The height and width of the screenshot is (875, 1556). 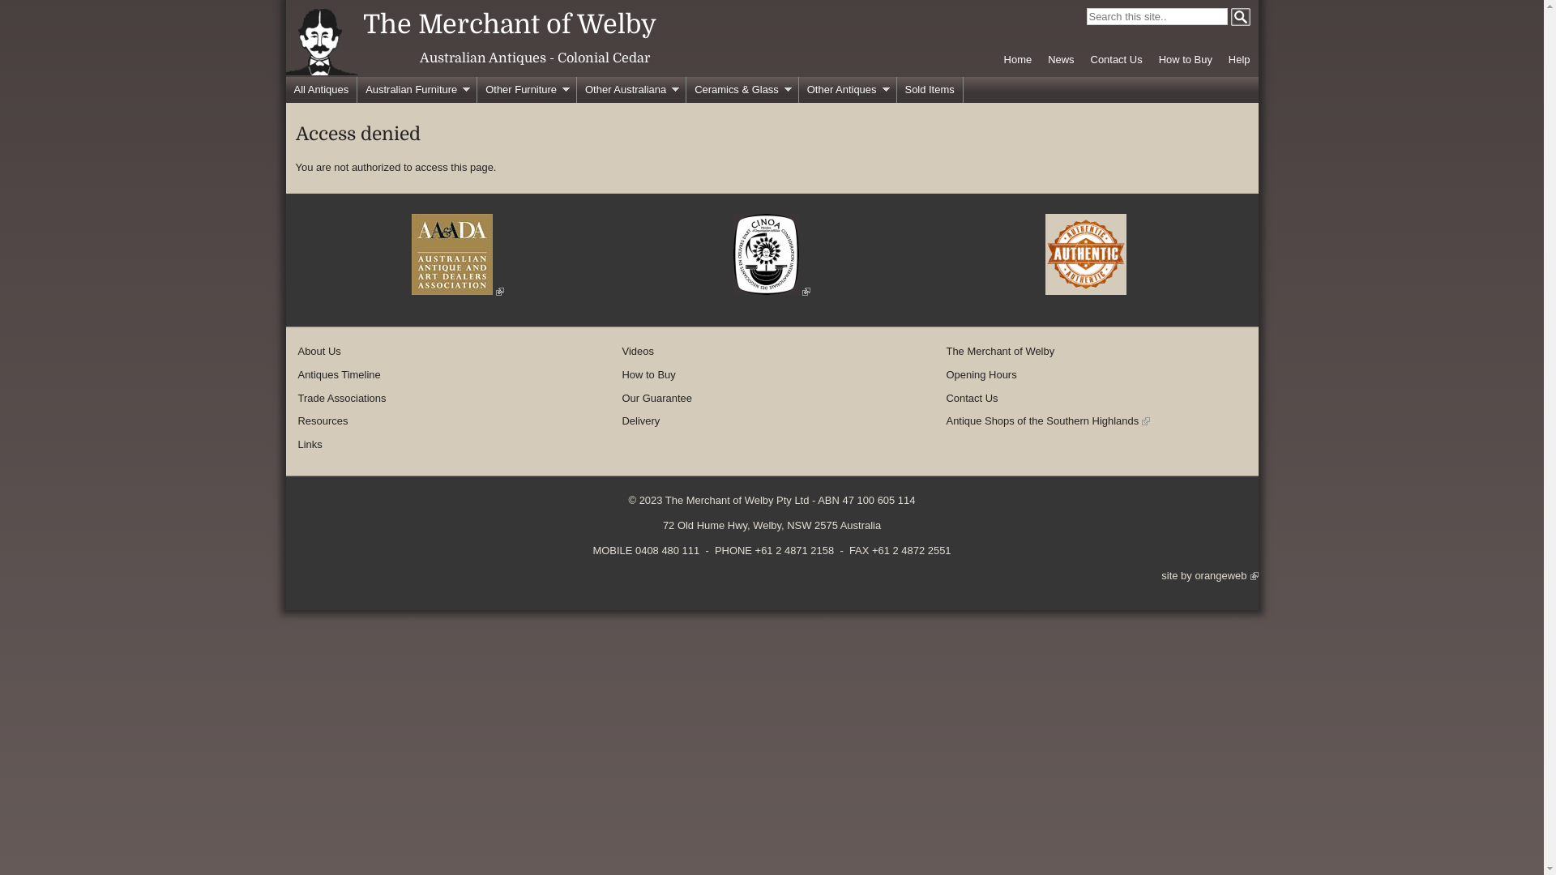 What do you see at coordinates (338, 374) in the screenshot?
I see `'Antiques Timeline'` at bounding box center [338, 374].